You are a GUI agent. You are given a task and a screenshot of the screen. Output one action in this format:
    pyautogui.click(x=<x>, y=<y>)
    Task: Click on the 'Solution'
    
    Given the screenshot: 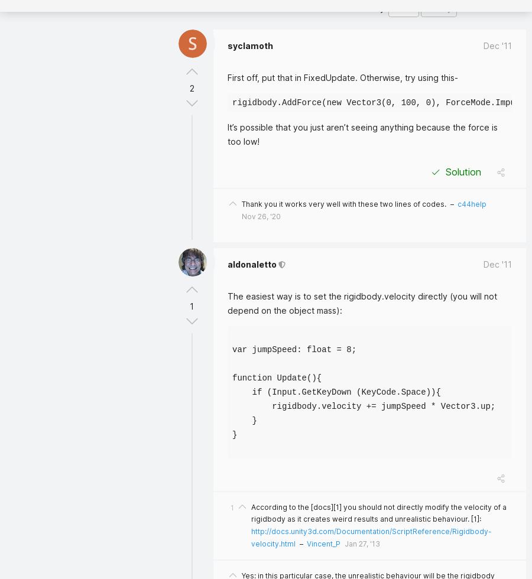 What is the action you would take?
    pyautogui.click(x=462, y=171)
    